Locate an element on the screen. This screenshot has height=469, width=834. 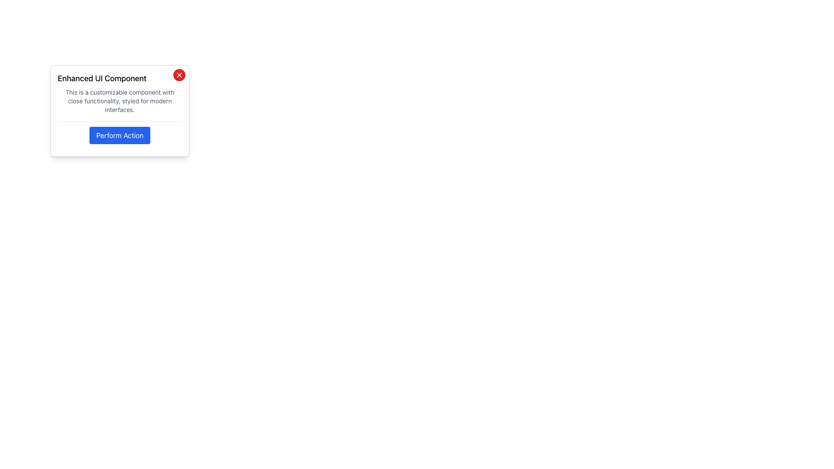
the circular red close button with a white 'X' icon located at the top-right corner of the card interface is located at coordinates (179, 75).